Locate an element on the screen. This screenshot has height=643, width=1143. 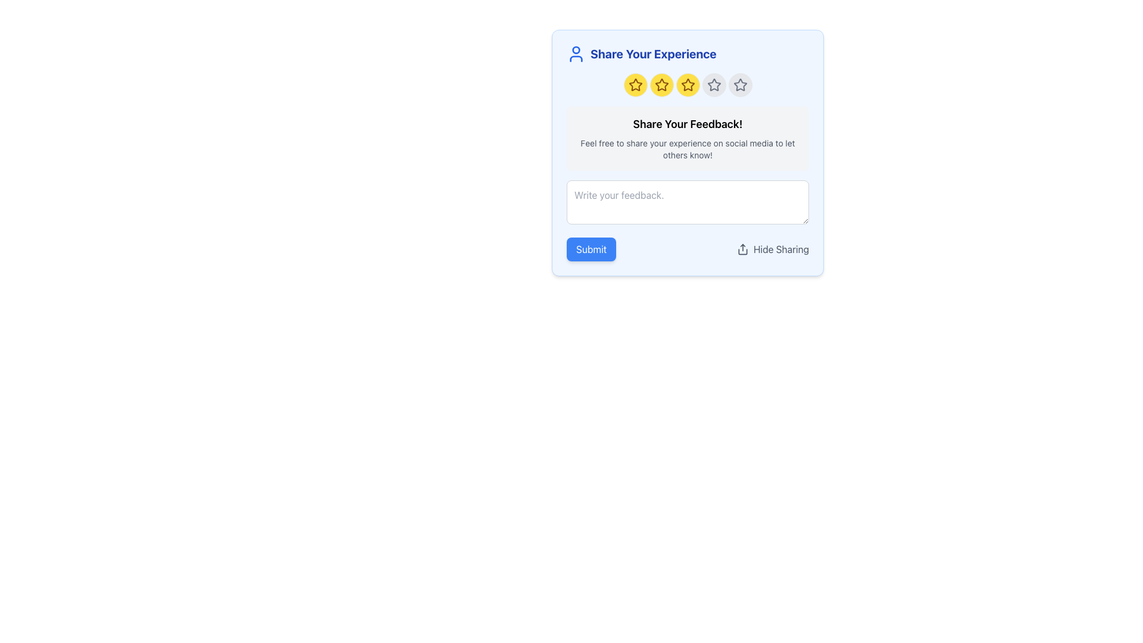
the third star in the star rating indicator is located at coordinates (688, 84).